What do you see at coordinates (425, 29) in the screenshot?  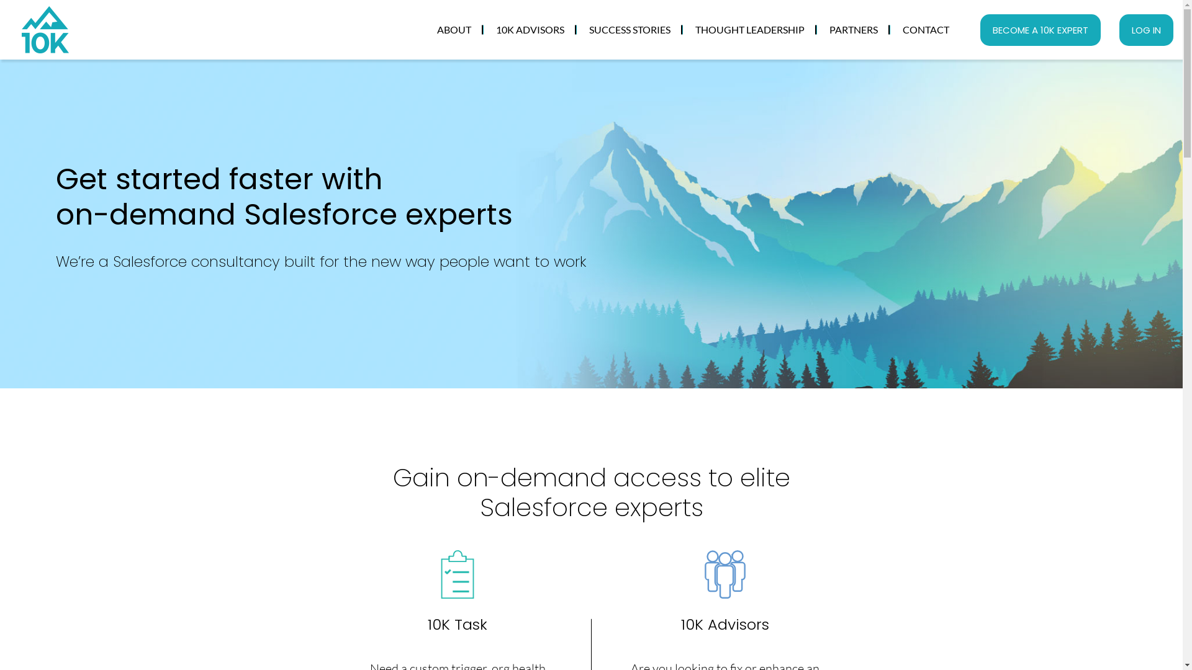 I see `'ABOUT'` at bounding box center [425, 29].